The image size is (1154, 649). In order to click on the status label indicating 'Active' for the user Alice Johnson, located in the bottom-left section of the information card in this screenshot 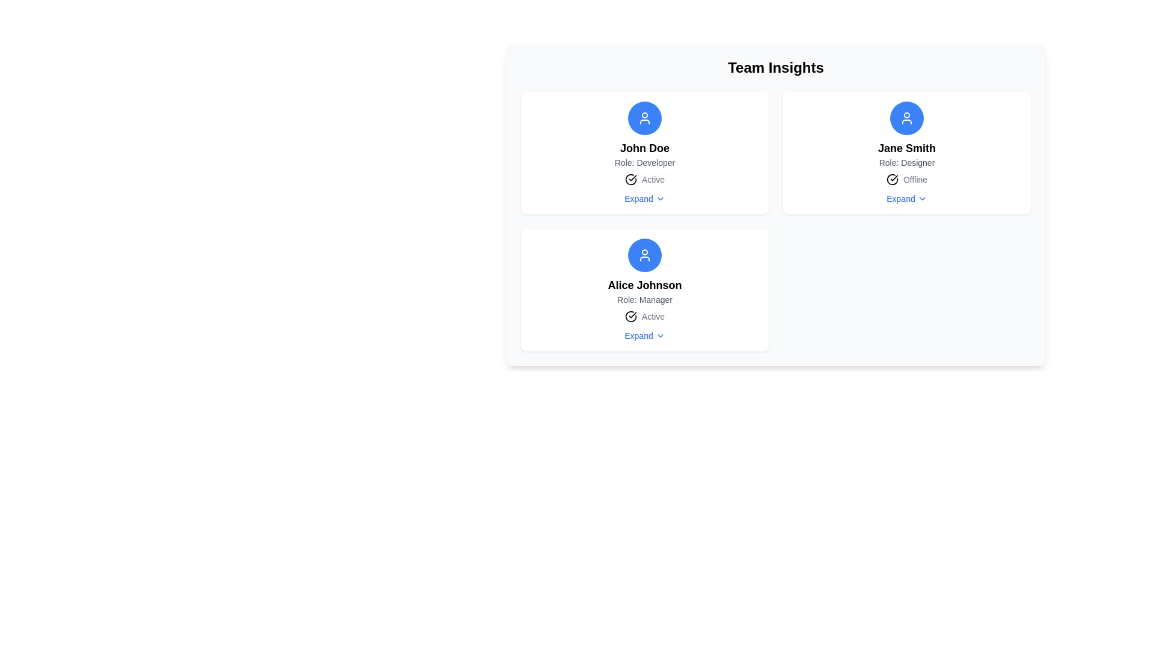, I will do `click(652, 316)`.